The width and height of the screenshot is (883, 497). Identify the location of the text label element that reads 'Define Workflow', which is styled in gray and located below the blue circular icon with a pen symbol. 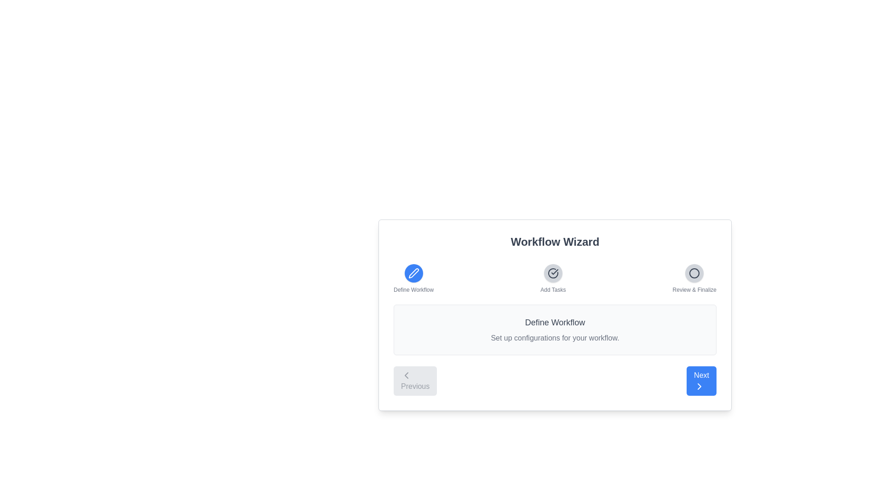
(413, 289).